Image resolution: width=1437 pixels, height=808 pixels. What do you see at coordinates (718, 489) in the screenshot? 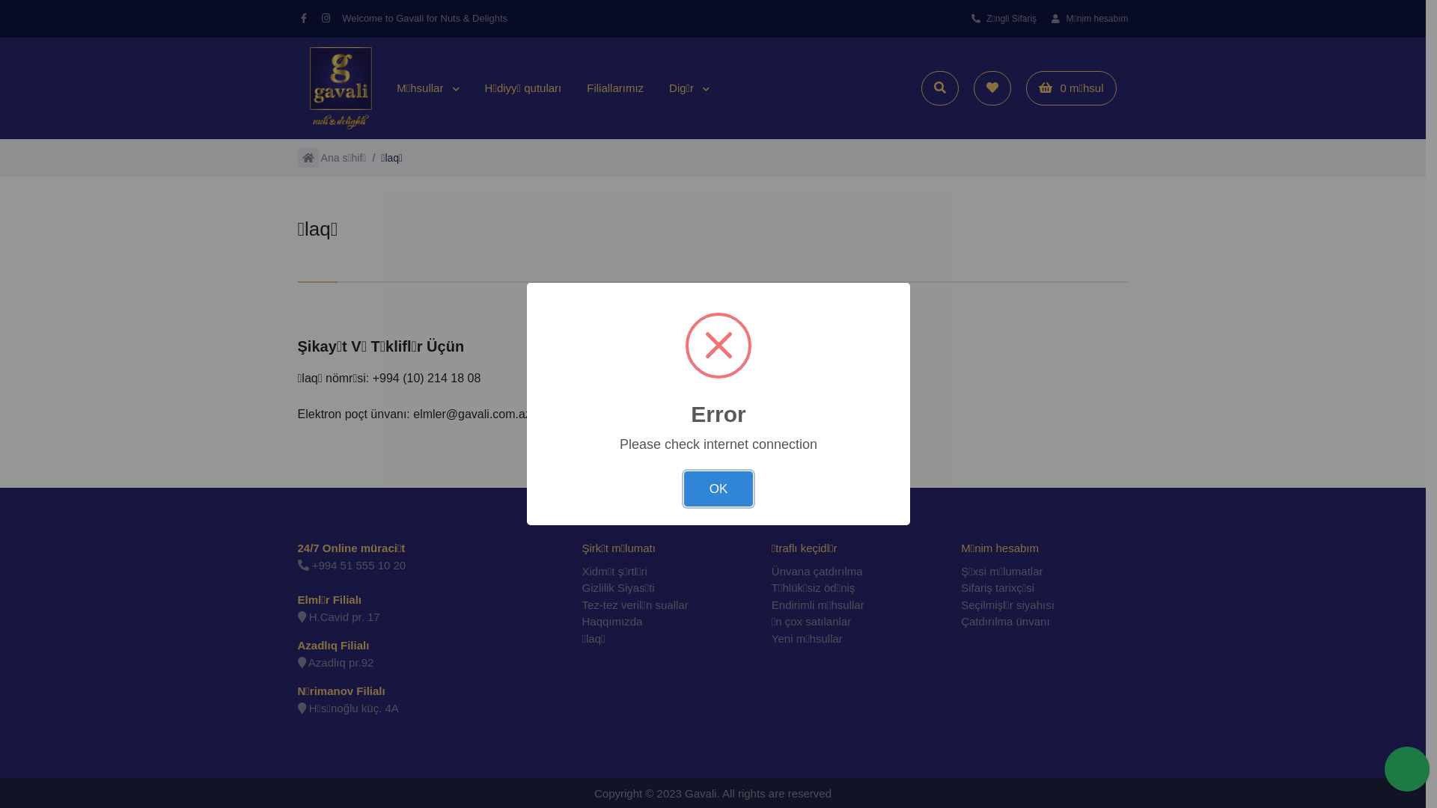
I see `'OK'` at bounding box center [718, 489].